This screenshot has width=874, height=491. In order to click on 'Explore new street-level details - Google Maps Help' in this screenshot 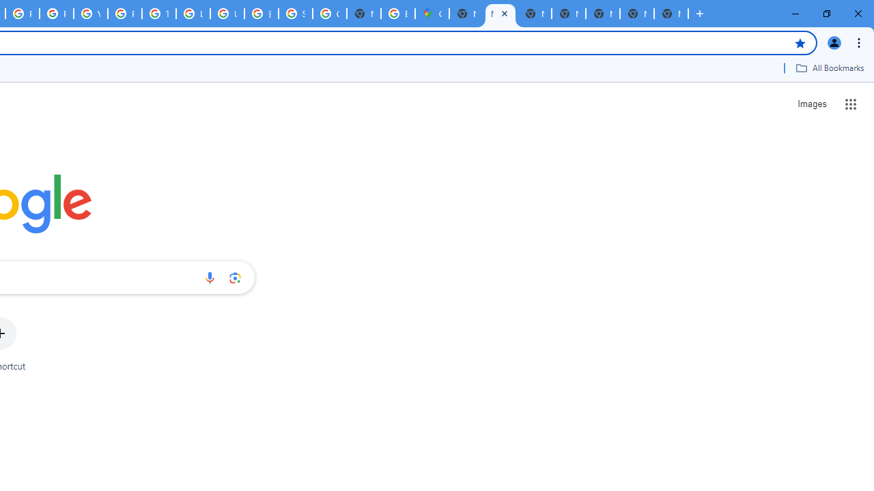, I will do `click(397, 14)`.